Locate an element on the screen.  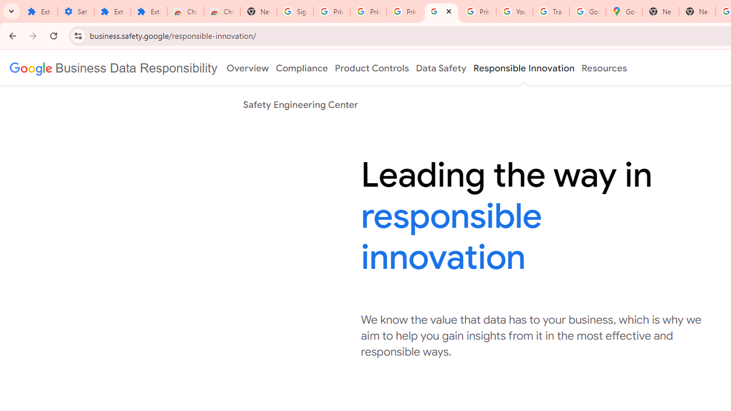
'Sign in - Google Accounts' is located at coordinates (295, 11).